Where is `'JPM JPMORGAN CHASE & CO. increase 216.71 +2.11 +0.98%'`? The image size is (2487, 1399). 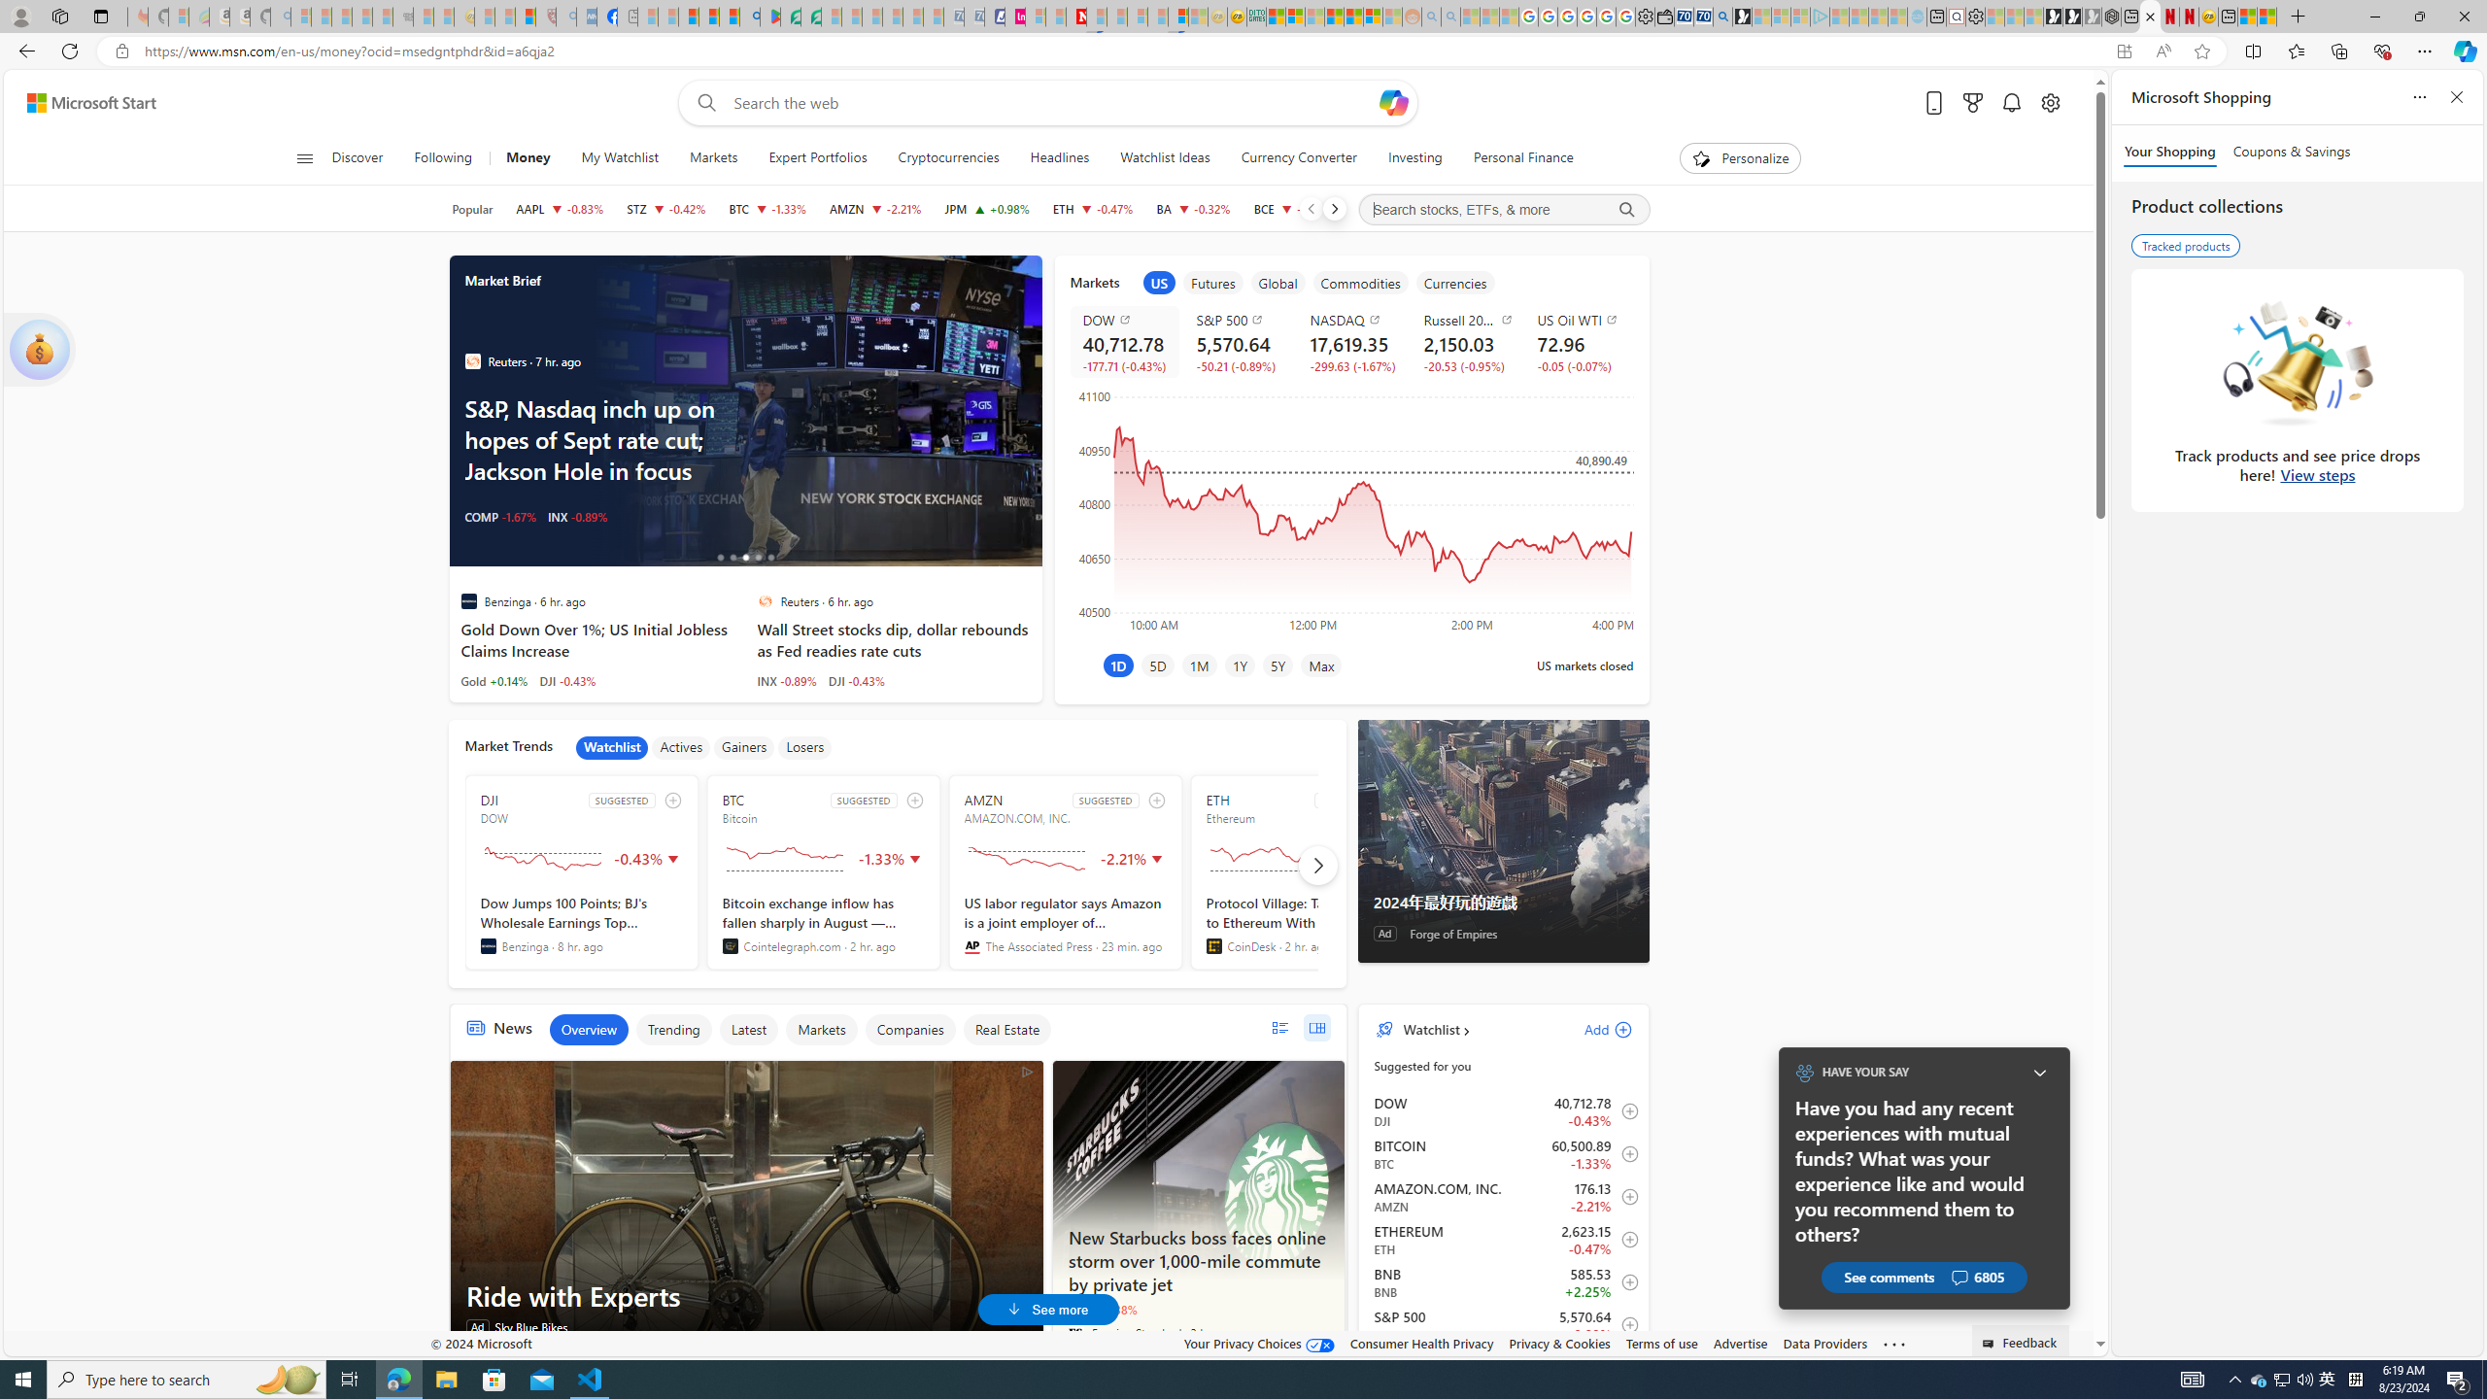 'JPM JPMORGAN CHASE & CO. increase 216.71 +2.11 +0.98%' is located at coordinates (986, 208).